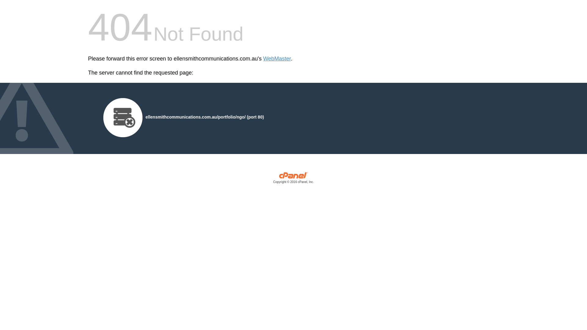  I want to click on 'WebMaster', so click(277, 59).